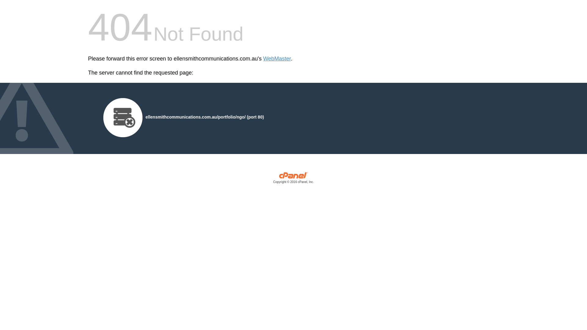  I want to click on 'WebMaster', so click(277, 59).